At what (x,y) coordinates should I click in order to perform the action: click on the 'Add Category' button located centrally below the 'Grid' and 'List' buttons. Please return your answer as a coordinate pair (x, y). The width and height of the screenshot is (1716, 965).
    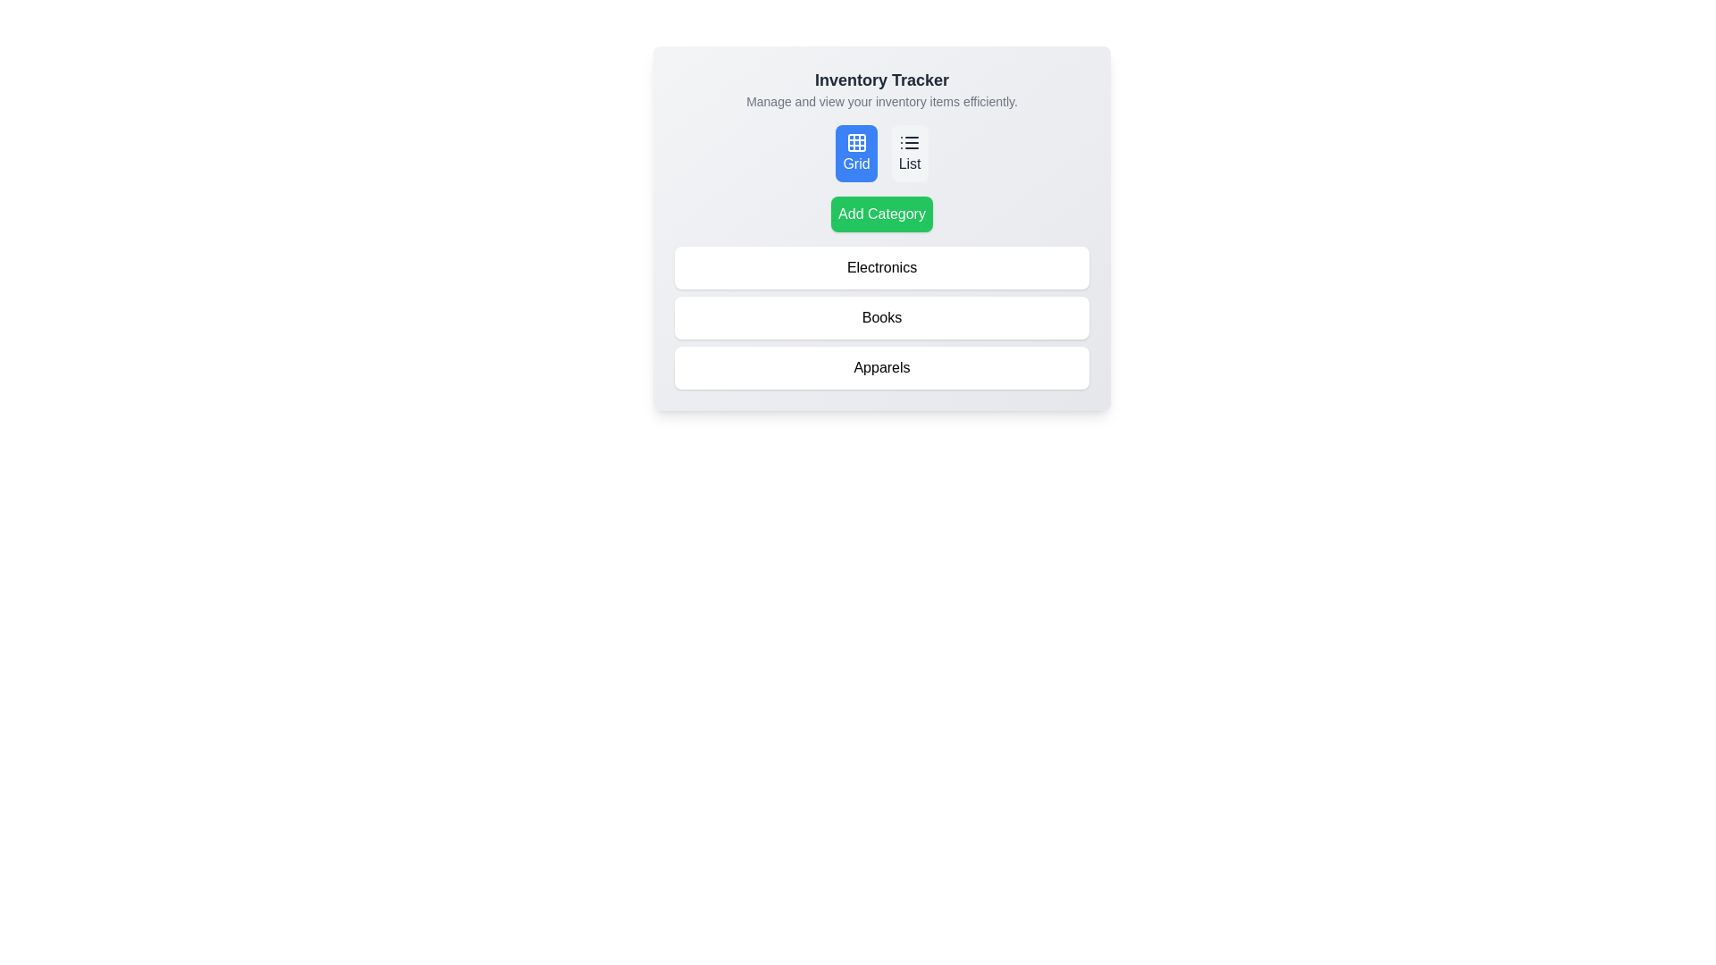
    Looking at the image, I should click on (882, 213).